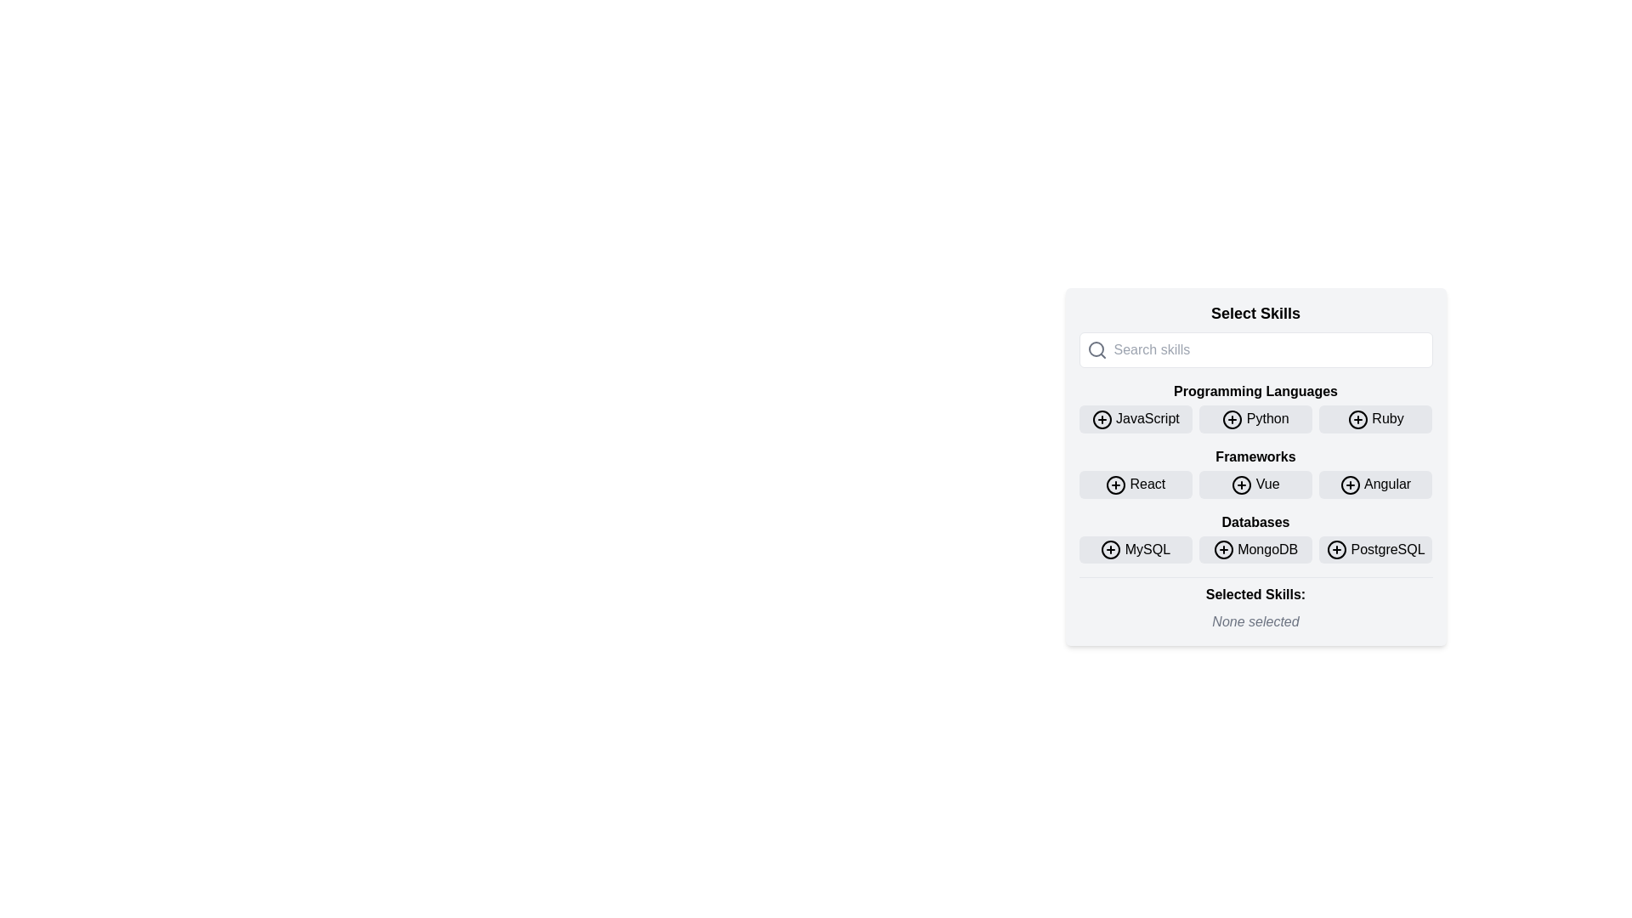 The height and width of the screenshot is (918, 1632). I want to click on the plus sign icon button located on the left side of the 'React' button in the 'Frameworks' category under the 'Select Skills' section, so click(1116, 484).